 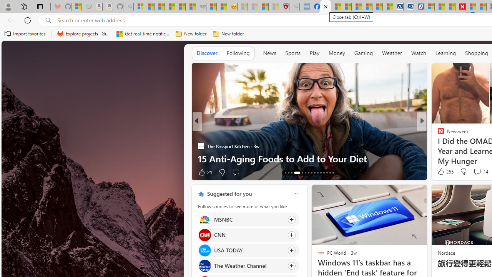 I want to click on 'View comments 228 Comment', so click(x=472, y=172).